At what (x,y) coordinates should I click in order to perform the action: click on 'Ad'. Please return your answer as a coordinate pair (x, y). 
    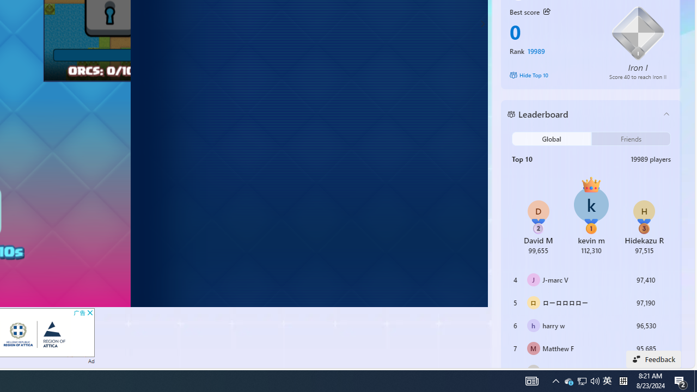
    Looking at the image, I should click on (91, 360).